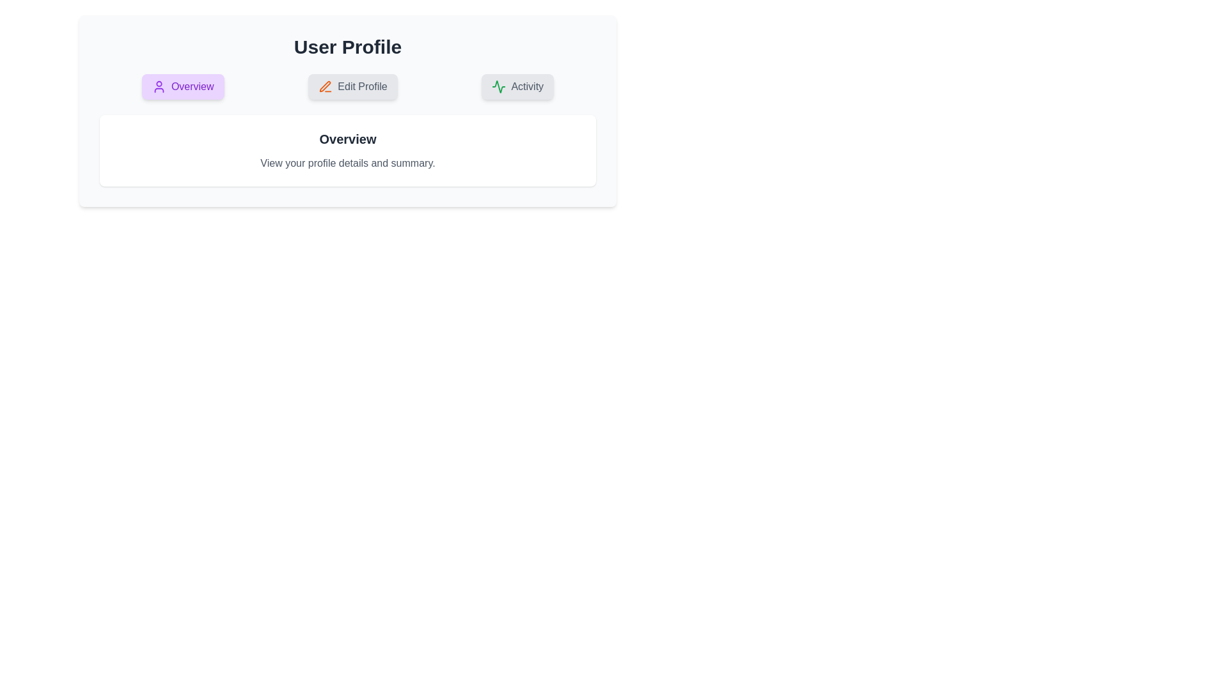  I want to click on the Edit Profile tab by clicking on it, so click(353, 86).